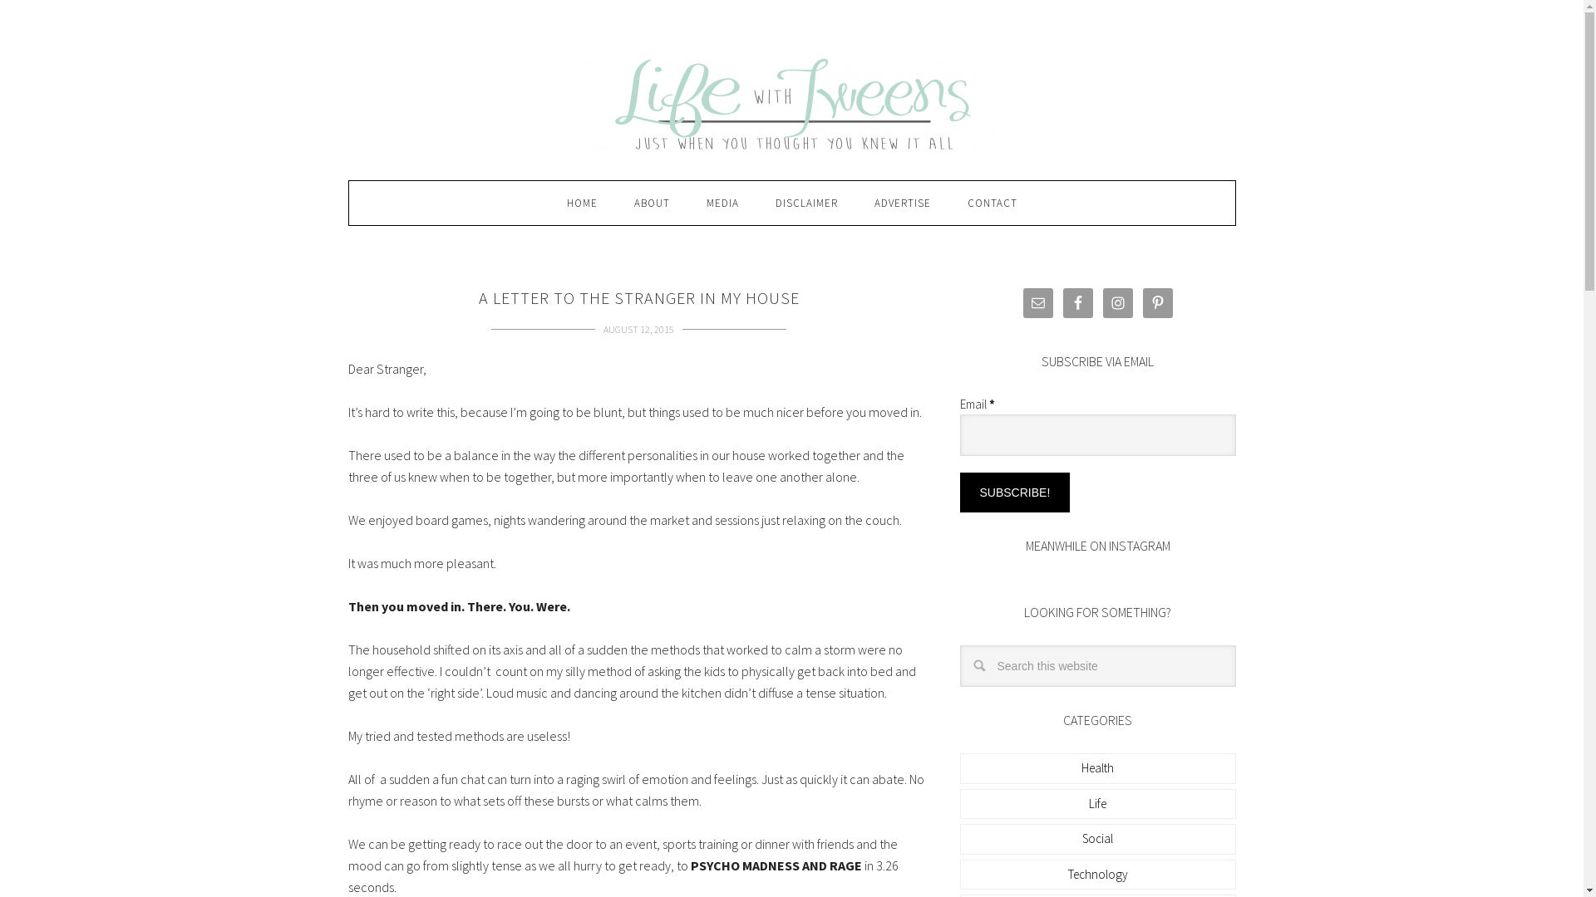 The width and height of the screenshot is (1596, 897). I want to click on 'Social', so click(1081, 838).